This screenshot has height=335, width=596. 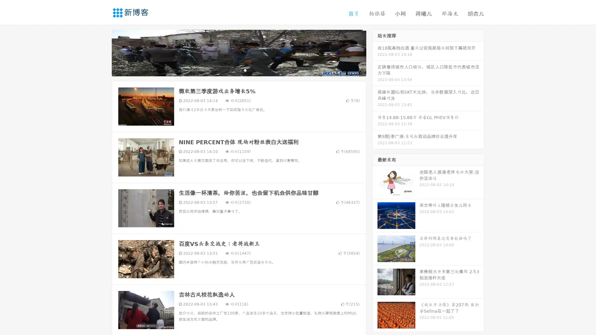 I want to click on Go to slide 1, so click(x=232, y=70).